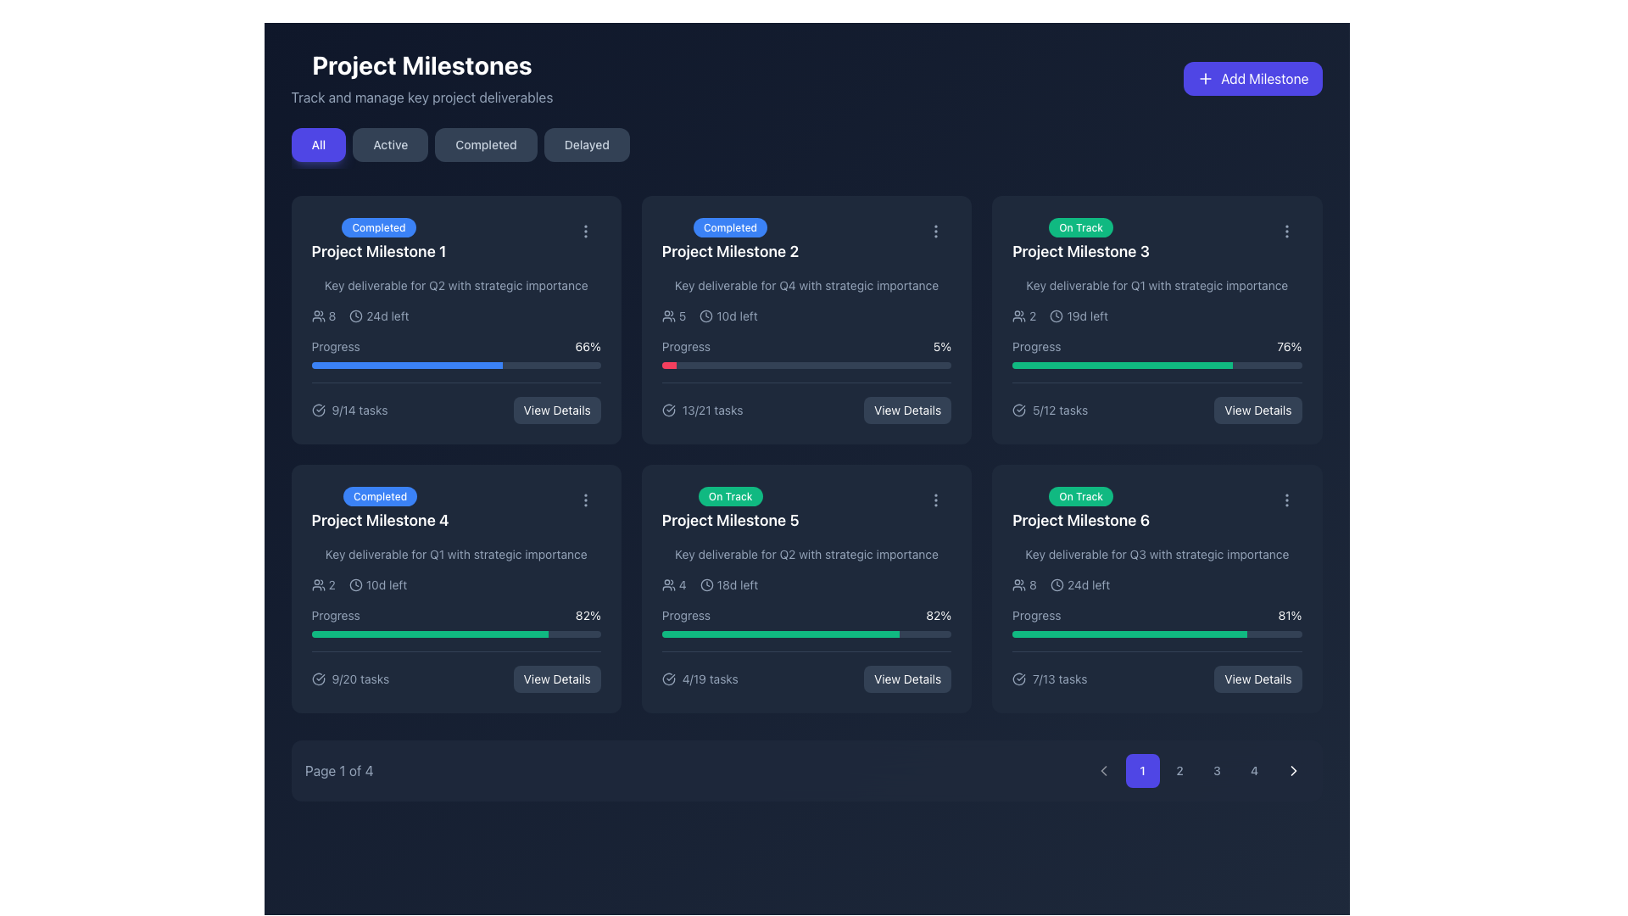 This screenshot has width=1628, height=916. Describe the element at coordinates (377, 239) in the screenshot. I see `the Status badge titled 'Project Milestone 1' that contains the 'Completed' badge to note the milestone title` at that location.